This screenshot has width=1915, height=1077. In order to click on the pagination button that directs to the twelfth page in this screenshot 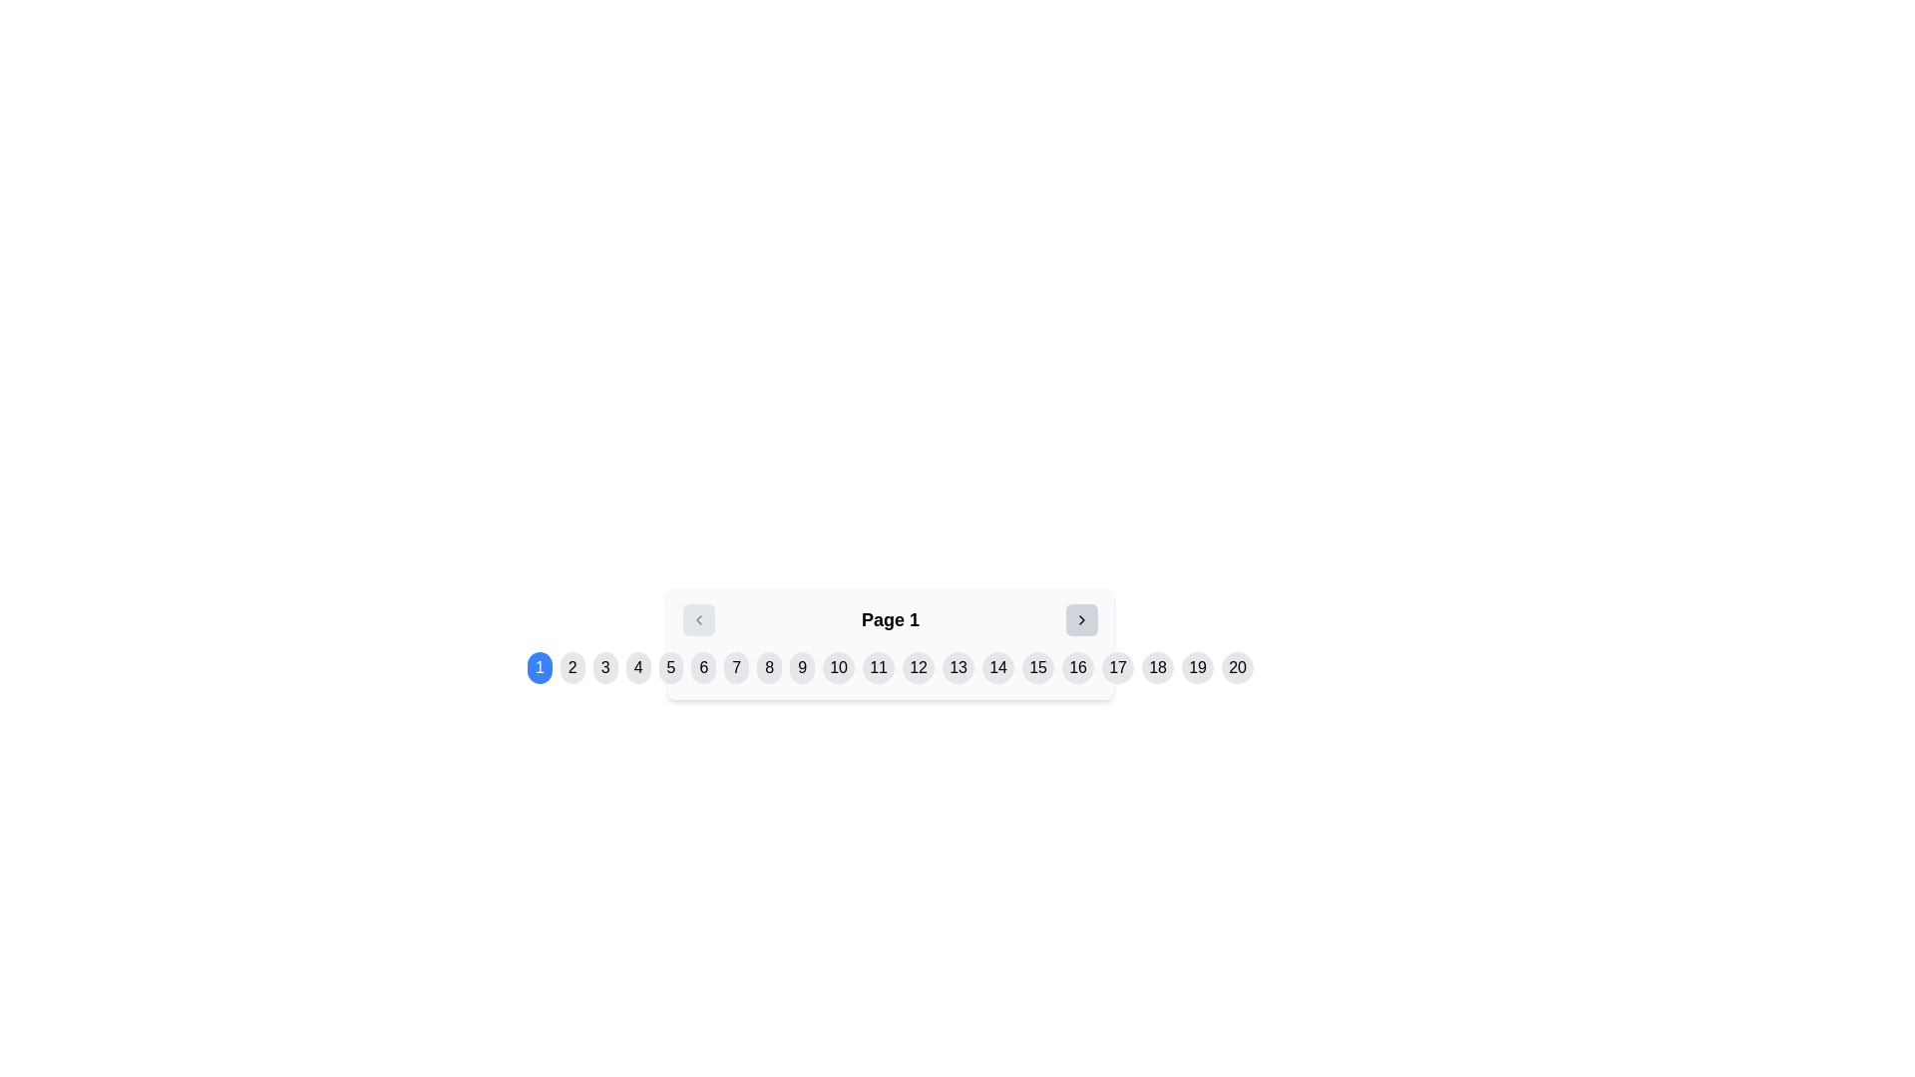, I will do `click(918, 668)`.